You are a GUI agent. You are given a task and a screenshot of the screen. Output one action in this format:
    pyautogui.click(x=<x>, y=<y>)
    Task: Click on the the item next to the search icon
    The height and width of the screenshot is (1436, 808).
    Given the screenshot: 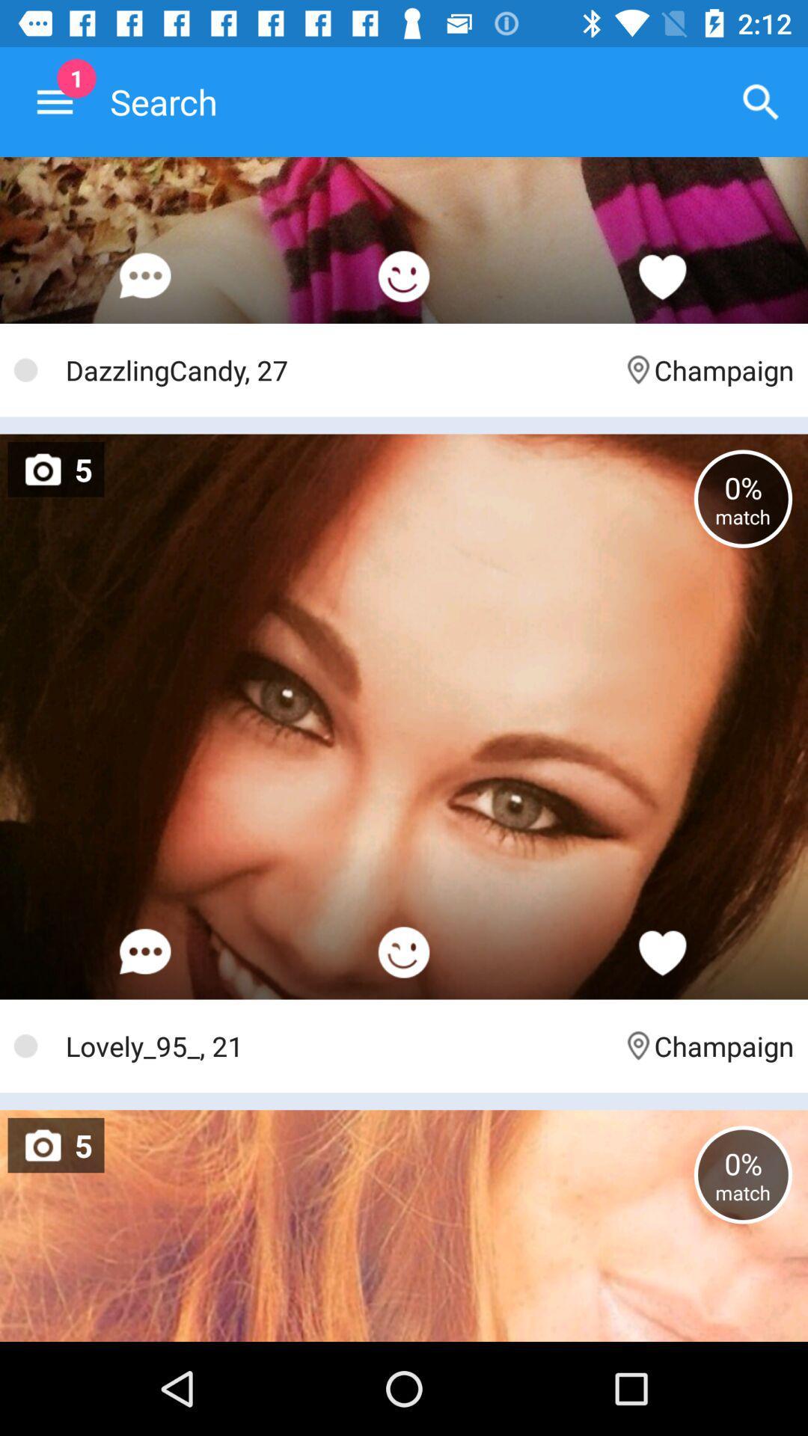 What is the action you would take?
    pyautogui.click(x=54, y=101)
    